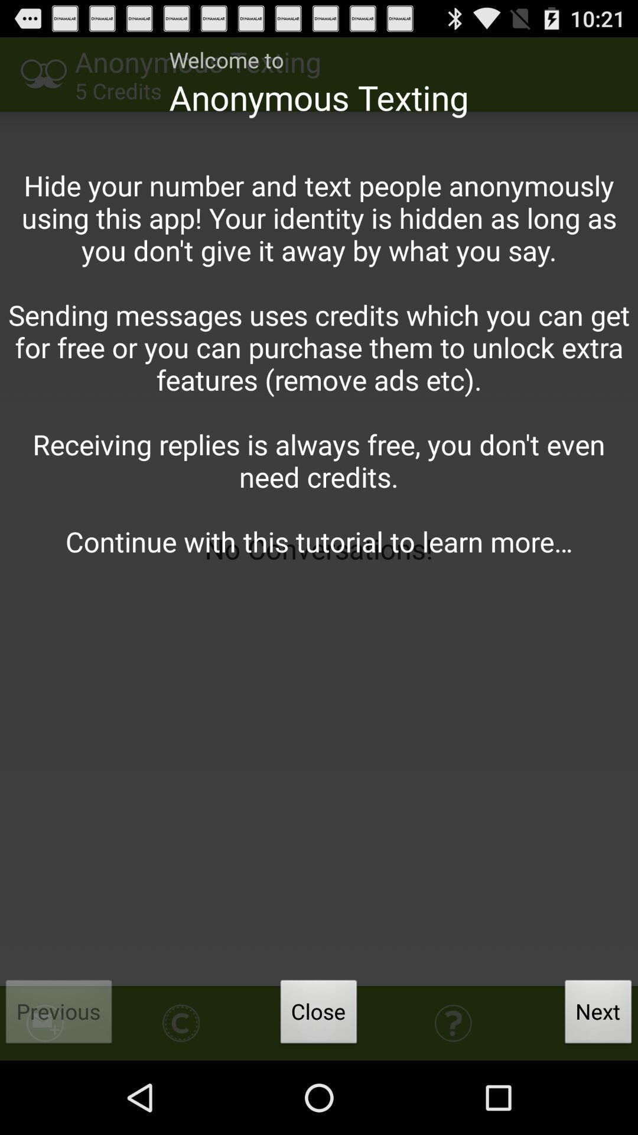 This screenshot has width=638, height=1135. What do you see at coordinates (598, 1014) in the screenshot?
I see `the next icon` at bounding box center [598, 1014].